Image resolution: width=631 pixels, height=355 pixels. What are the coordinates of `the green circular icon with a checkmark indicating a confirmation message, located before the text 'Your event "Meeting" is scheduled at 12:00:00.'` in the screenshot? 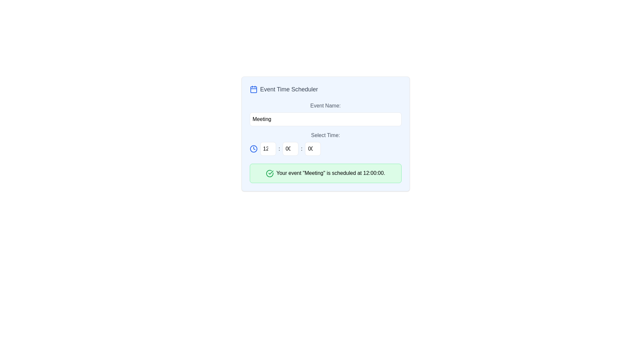 It's located at (269, 173).